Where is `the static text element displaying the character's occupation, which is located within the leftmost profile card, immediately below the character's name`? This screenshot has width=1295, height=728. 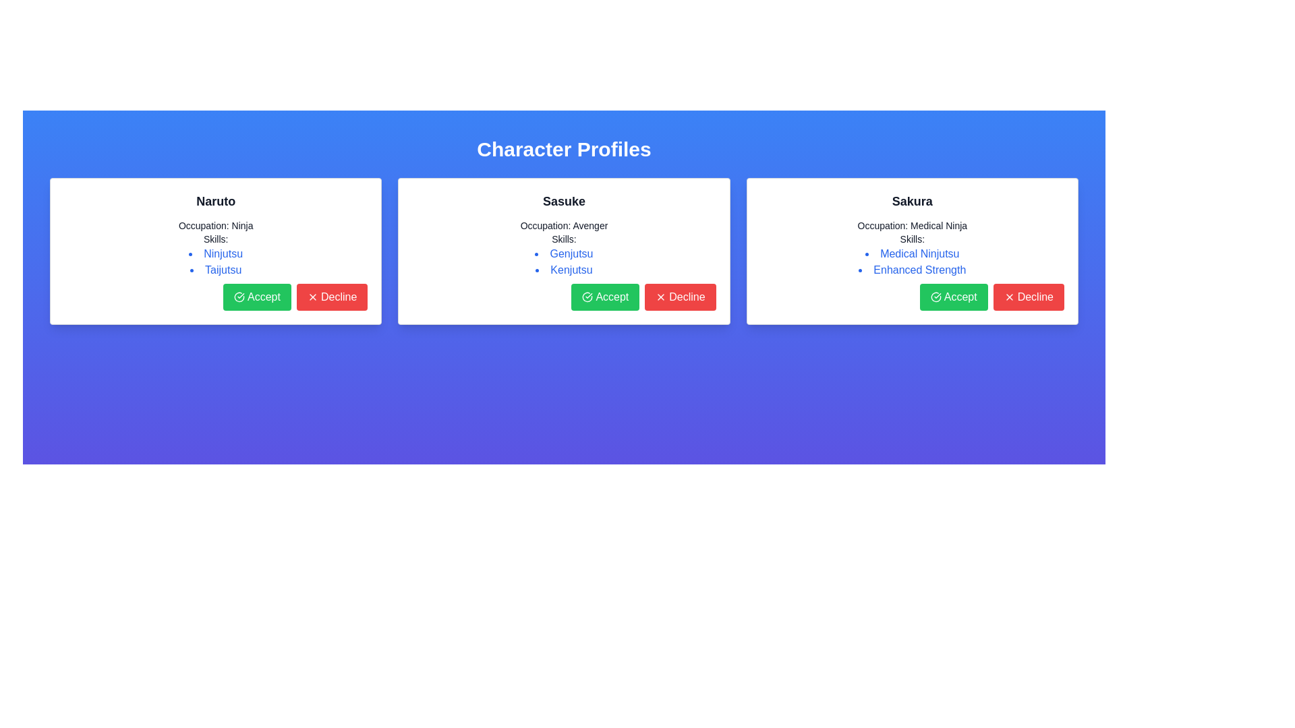 the static text element displaying the character's occupation, which is located within the leftmost profile card, immediately below the character's name is located at coordinates (216, 225).